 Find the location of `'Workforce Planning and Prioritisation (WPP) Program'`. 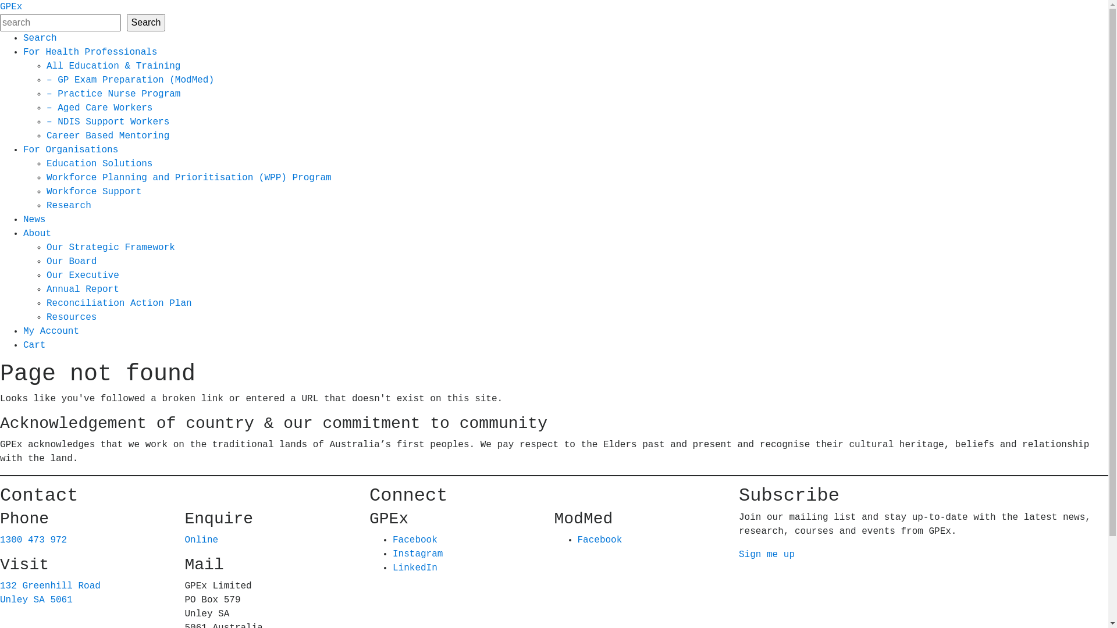

'Workforce Planning and Prioritisation (WPP) Program' is located at coordinates (47, 177).